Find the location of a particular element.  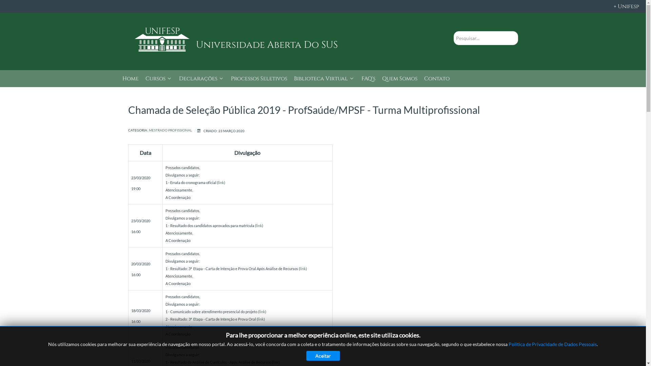

'Politica de Privacidade de Dados Pessoais' is located at coordinates (553, 344).